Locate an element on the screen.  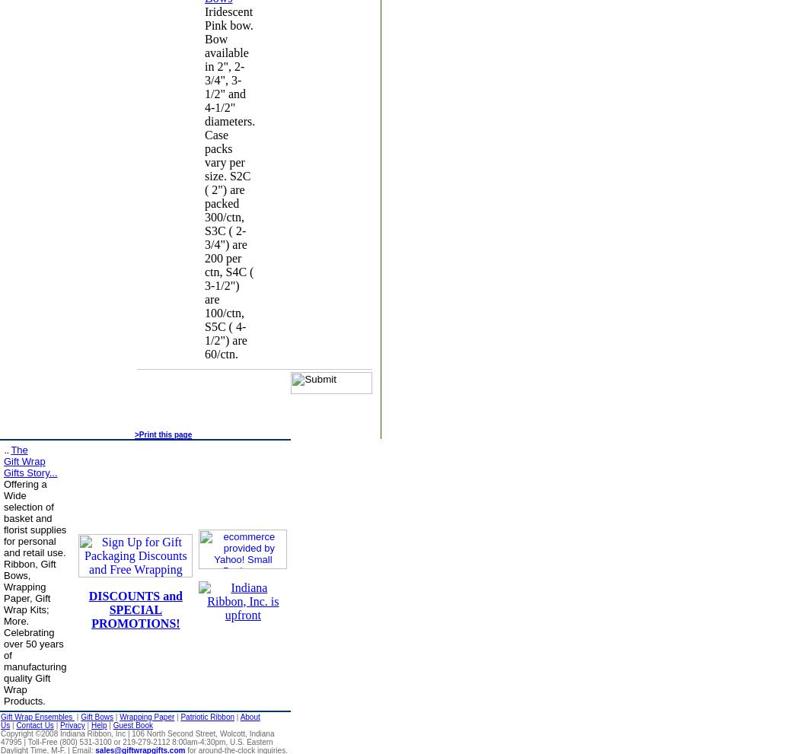
'Gift Bows' is located at coordinates (97, 716).